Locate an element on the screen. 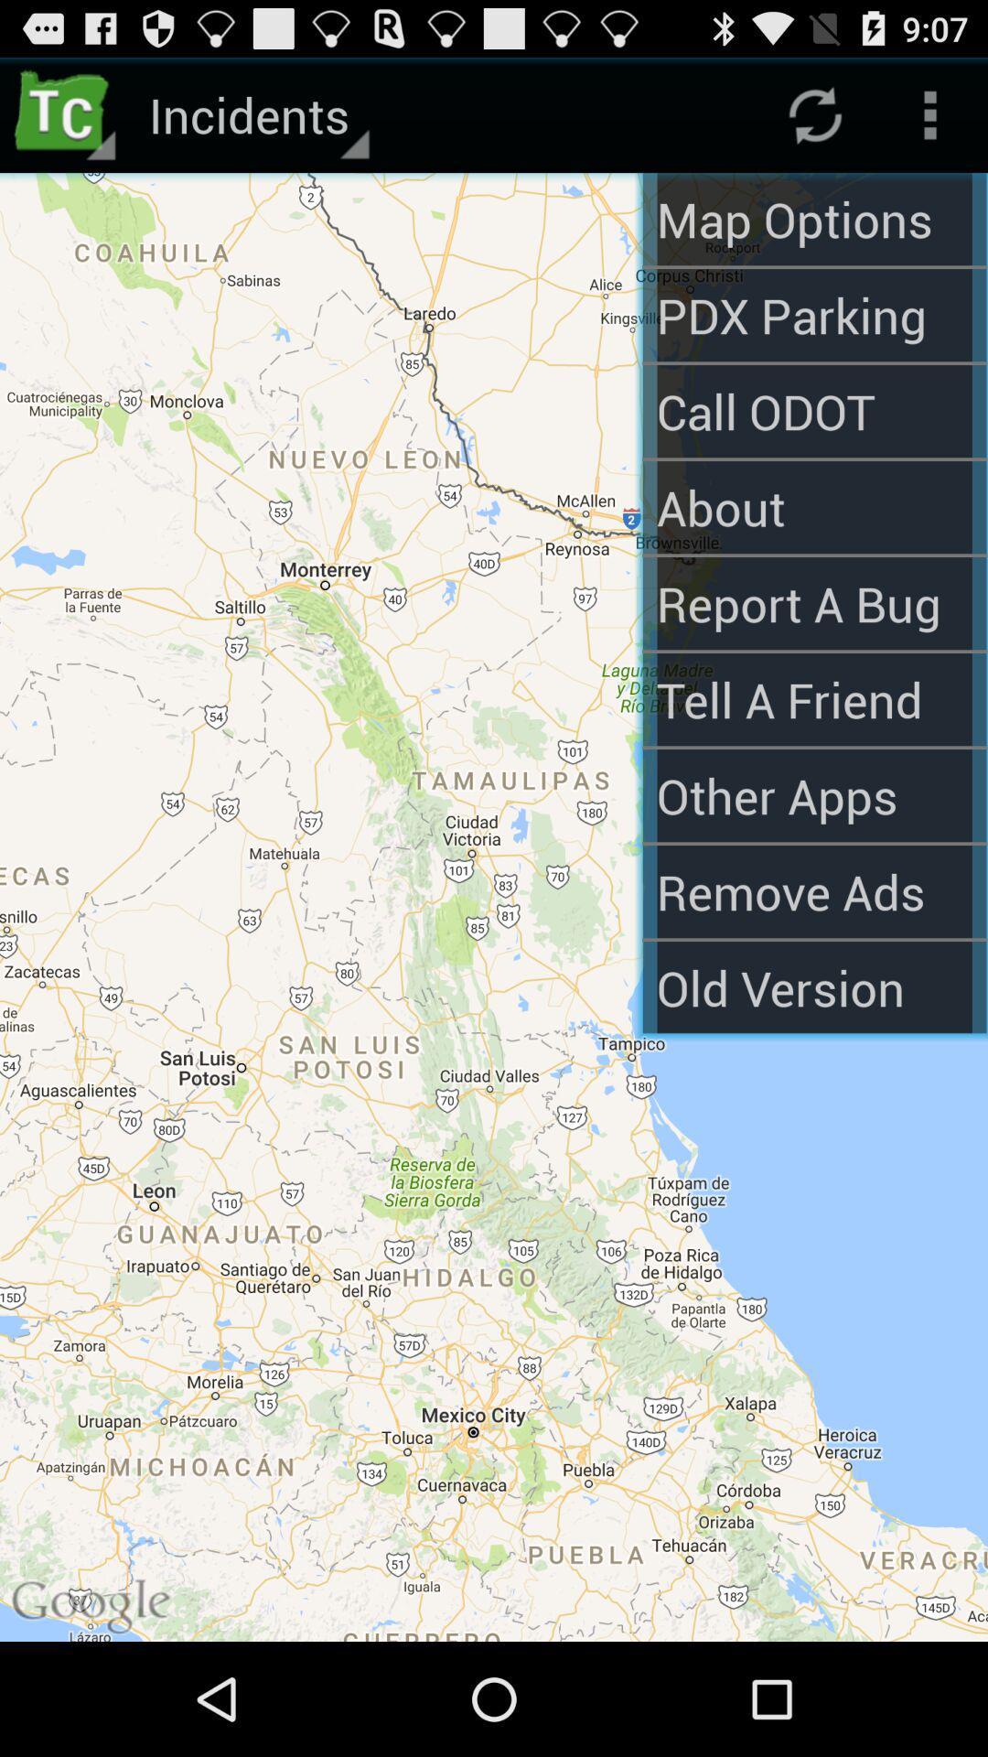 The image size is (988, 1757). the call odot app is located at coordinates (813, 410).